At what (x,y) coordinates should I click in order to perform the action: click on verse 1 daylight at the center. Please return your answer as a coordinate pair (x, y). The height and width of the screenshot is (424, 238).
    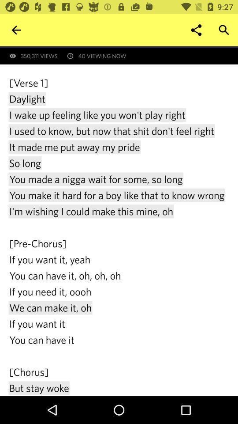
    Looking at the image, I should click on (119, 235).